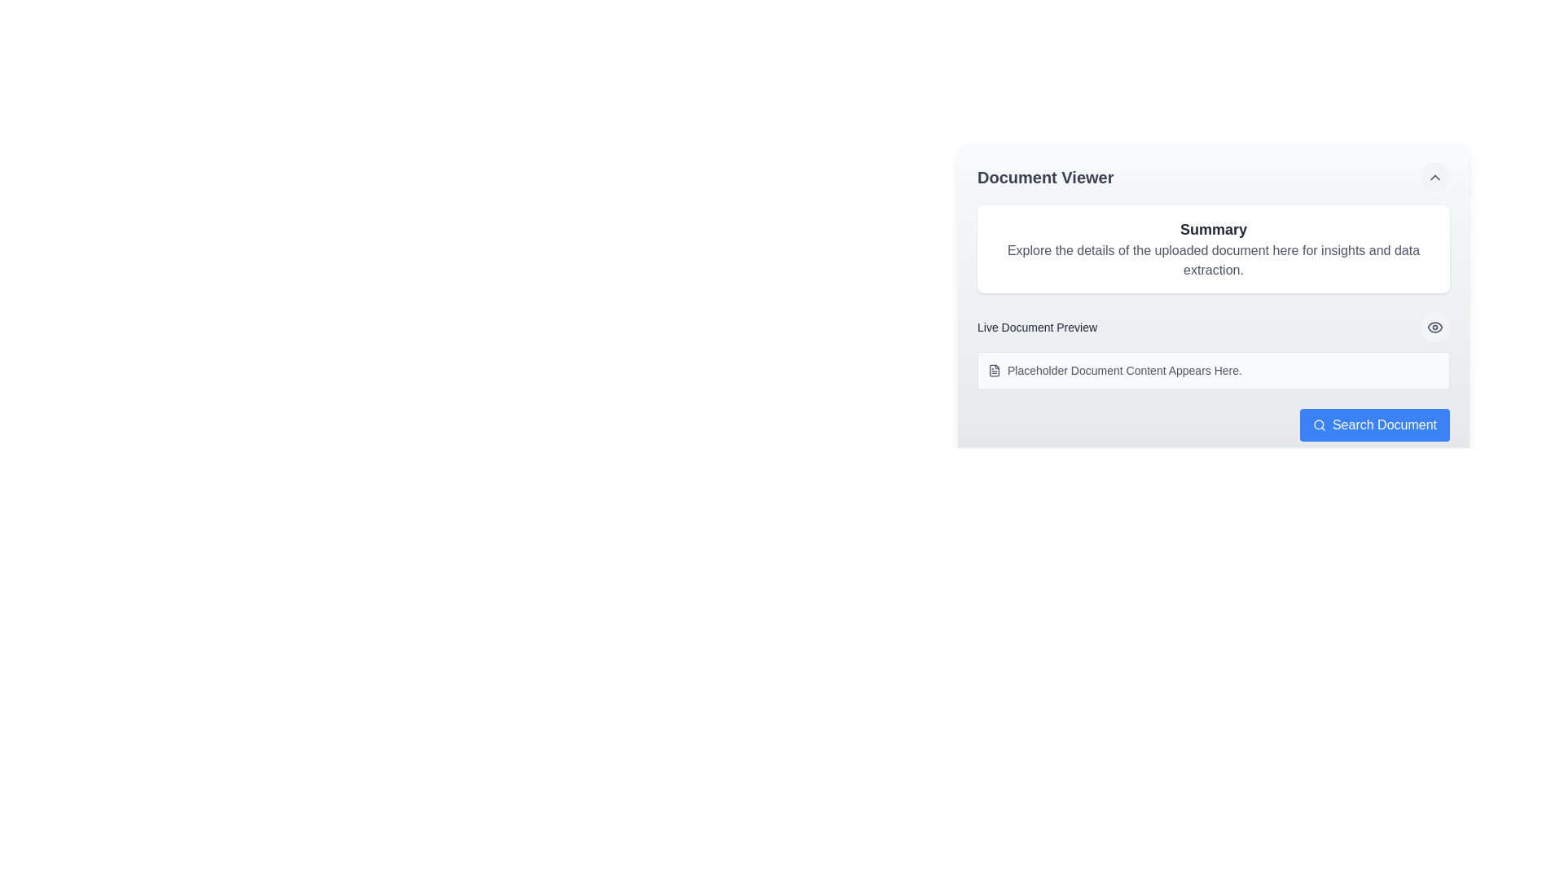 Image resolution: width=1564 pixels, height=880 pixels. What do you see at coordinates (993, 371) in the screenshot?
I see `the file/document icon located on the left side of the text 'Placeholder Document Content Appears Here' within the 'Live Document Preview' section of the 'Document Viewer' interface panel` at bounding box center [993, 371].